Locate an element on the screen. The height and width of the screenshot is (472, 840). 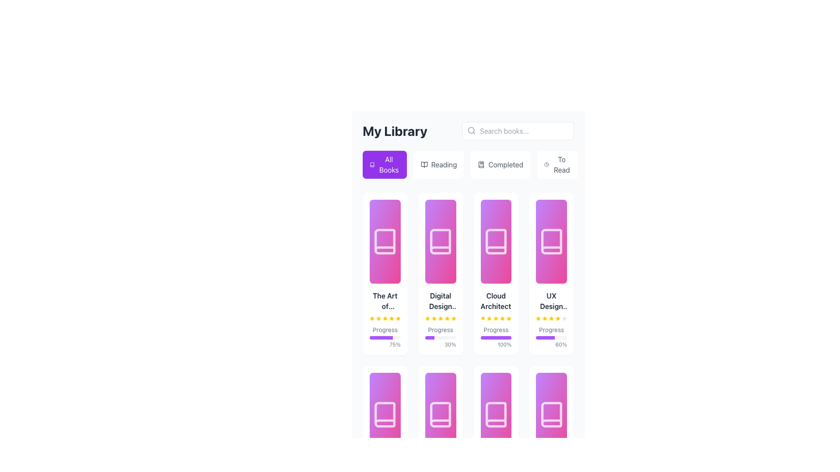
the book icon in the first book card of the 'My Library' interface, which visually represents a book and is located at the top left of the grid layout is located at coordinates (385, 241).